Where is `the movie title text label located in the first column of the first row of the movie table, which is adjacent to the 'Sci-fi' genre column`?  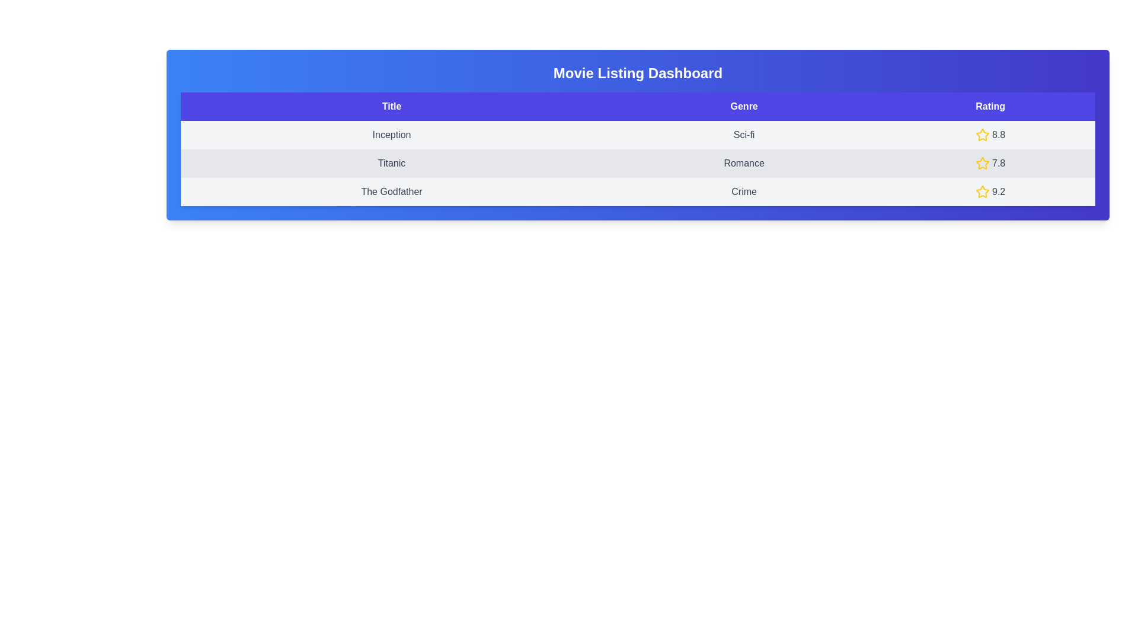
the movie title text label located in the first column of the first row of the movie table, which is adjacent to the 'Sci-fi' genre column is located at coordinates (392, 134).